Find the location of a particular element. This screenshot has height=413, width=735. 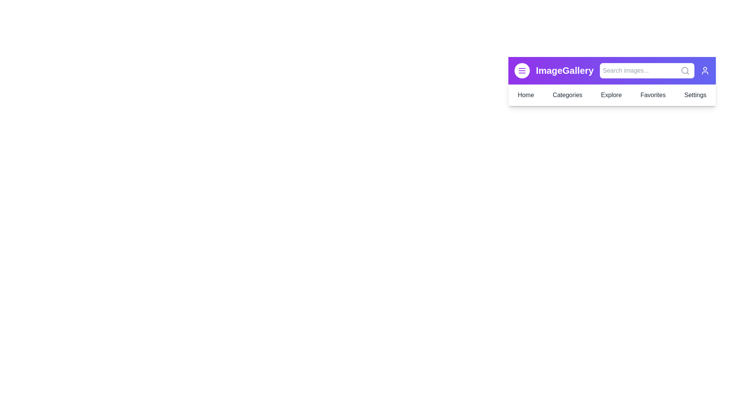

the menu button to toggle the menu visibility is located at coordinates (521, 71).